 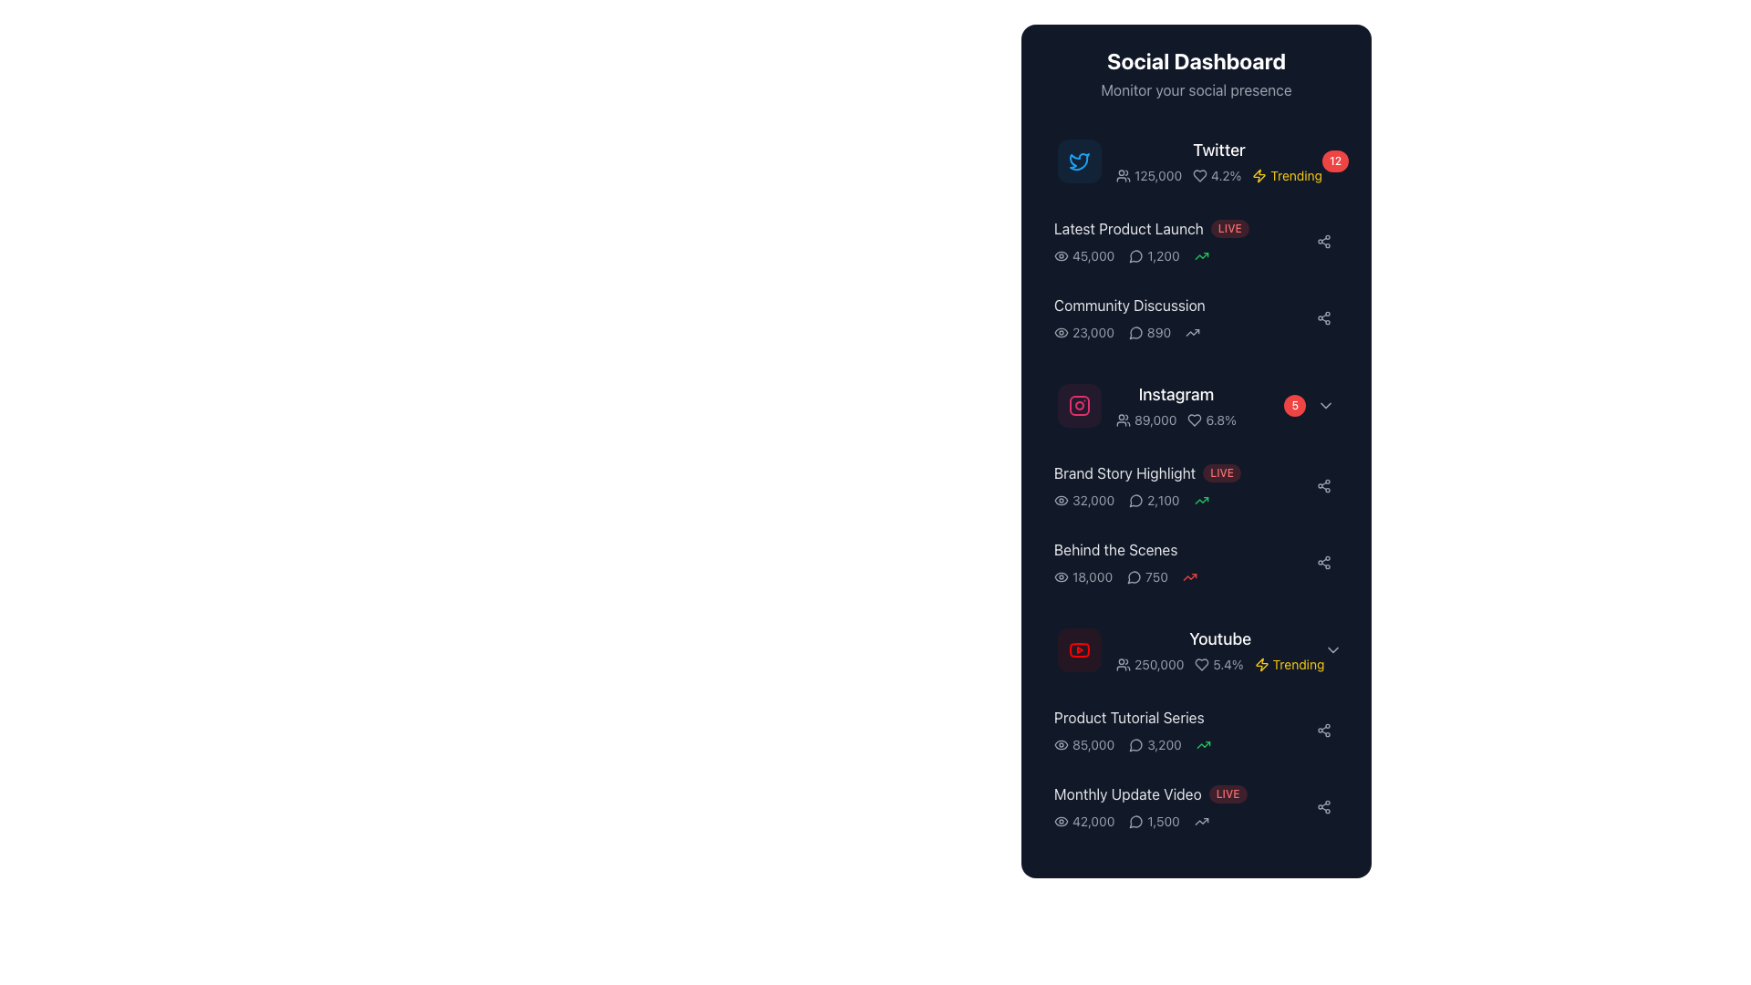 I want to click on the Twitter metrics summary block in the social media dashboard, so click(x=1190, y=161).